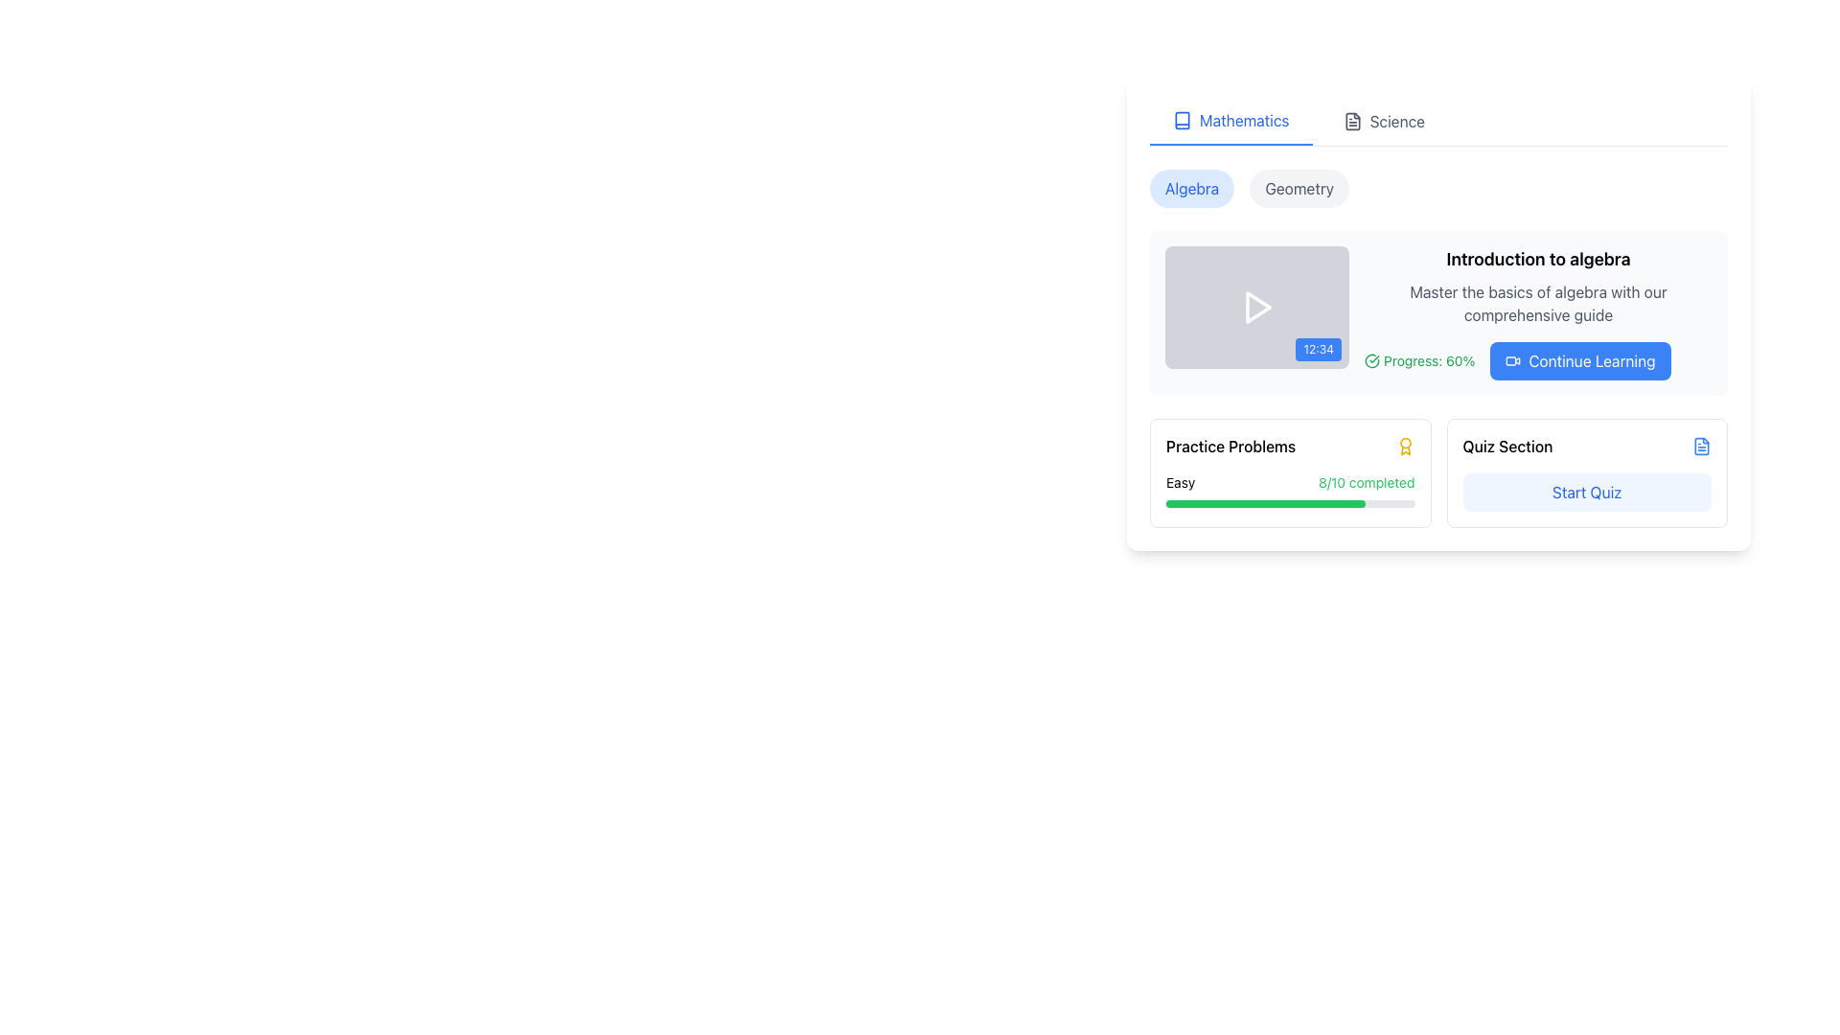 The width and height of the screenshot is (1840, 1035). I want to click on the progress indicator of the content card that has a white background, rounded corners, and a shadow effect, located within the educational materials panel, so click(1438, 311).